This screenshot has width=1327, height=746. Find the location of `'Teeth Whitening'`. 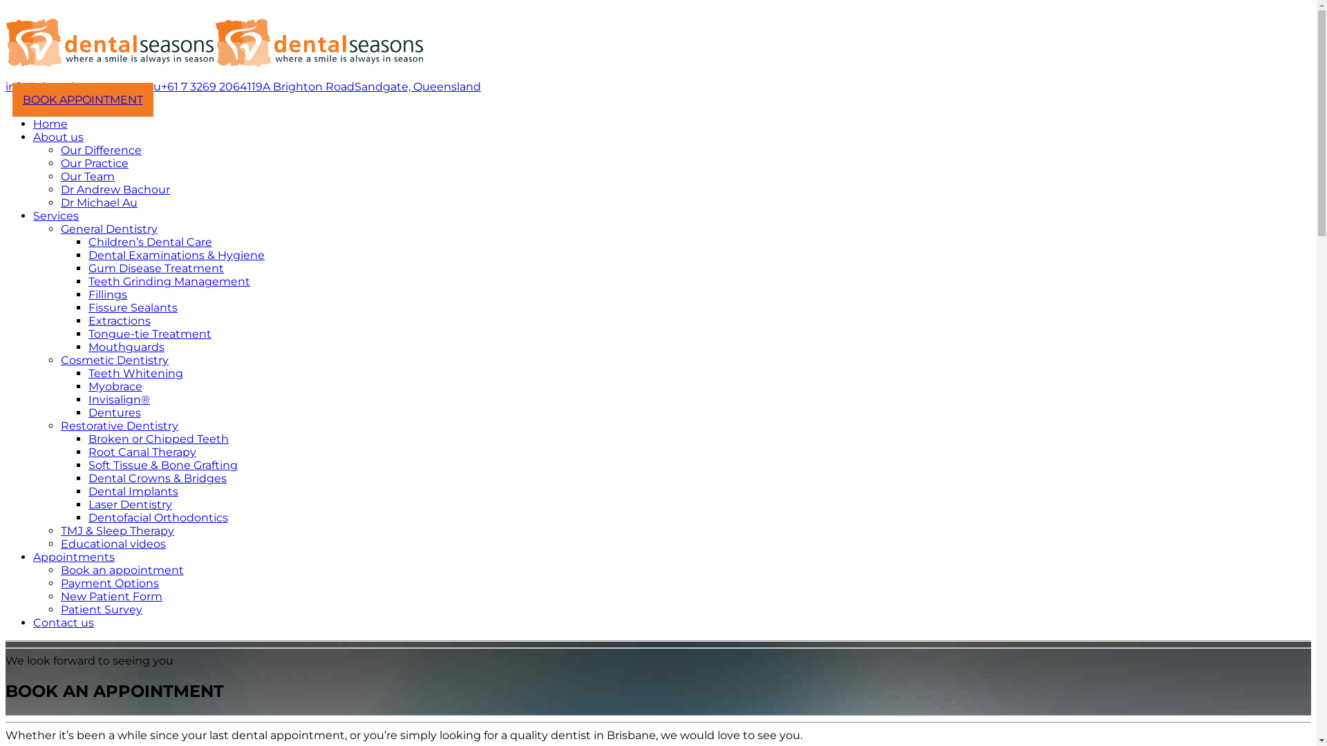

'Teeth Whitening' is located at coordinates (135, 373).